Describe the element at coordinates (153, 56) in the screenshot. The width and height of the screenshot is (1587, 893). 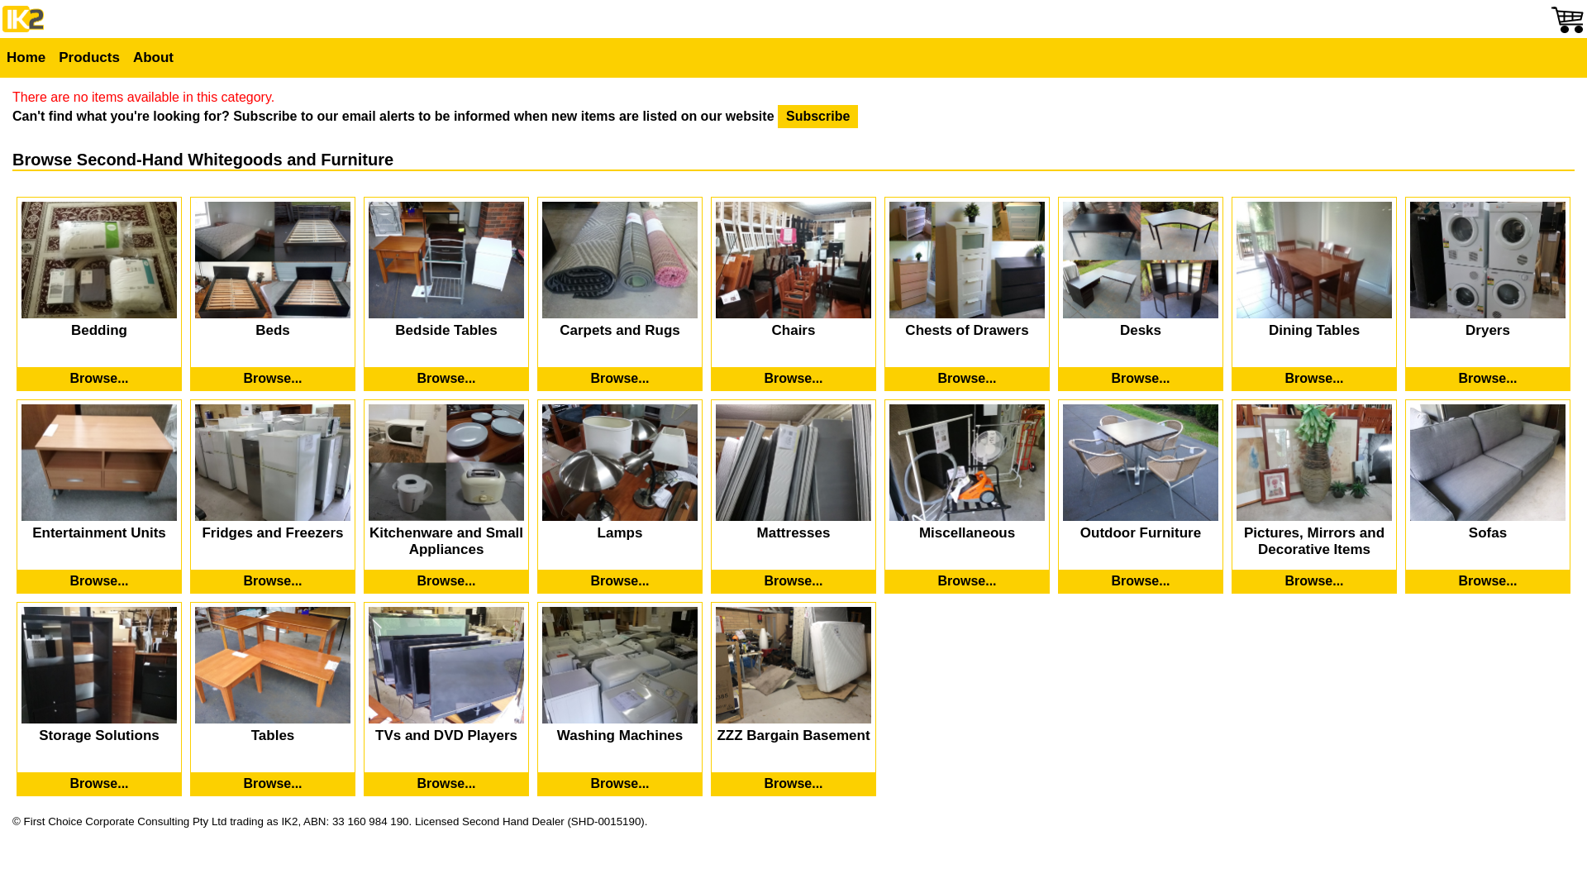
I see `'About'` at that location.